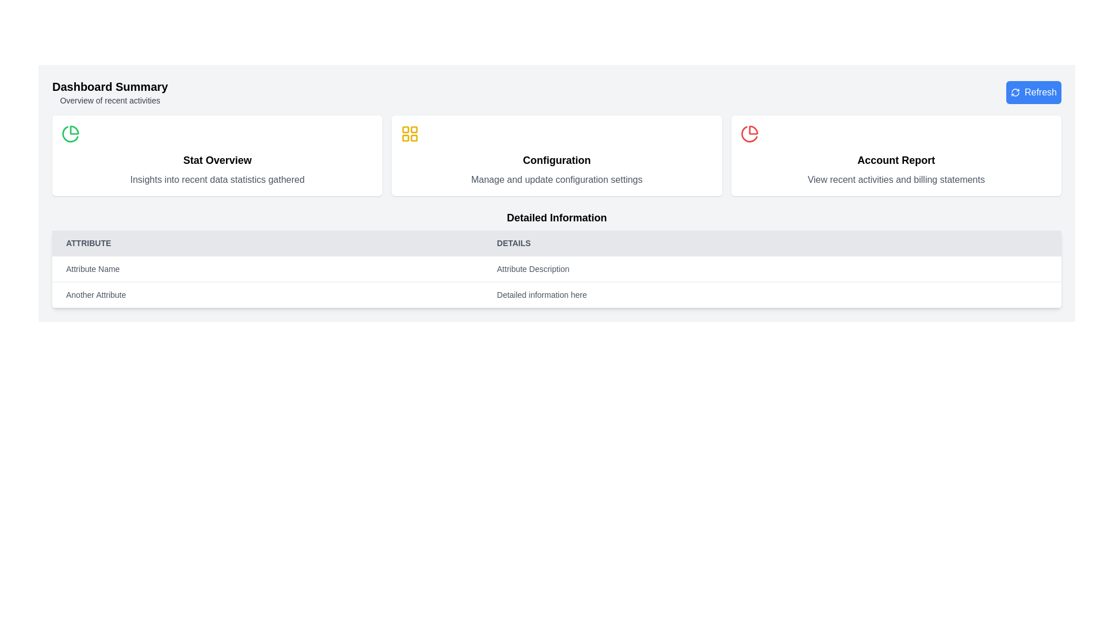 Image resolution: width=1104 pixels, height=621 pixels. What do you see at coordinates (557, 269) in the screenshot?
I see `the first row under the 'Details' column in the 'Detailed Information' table, which displays 'Attribute Name' and 'Attribute Description'` at bounding box center [557, 269].